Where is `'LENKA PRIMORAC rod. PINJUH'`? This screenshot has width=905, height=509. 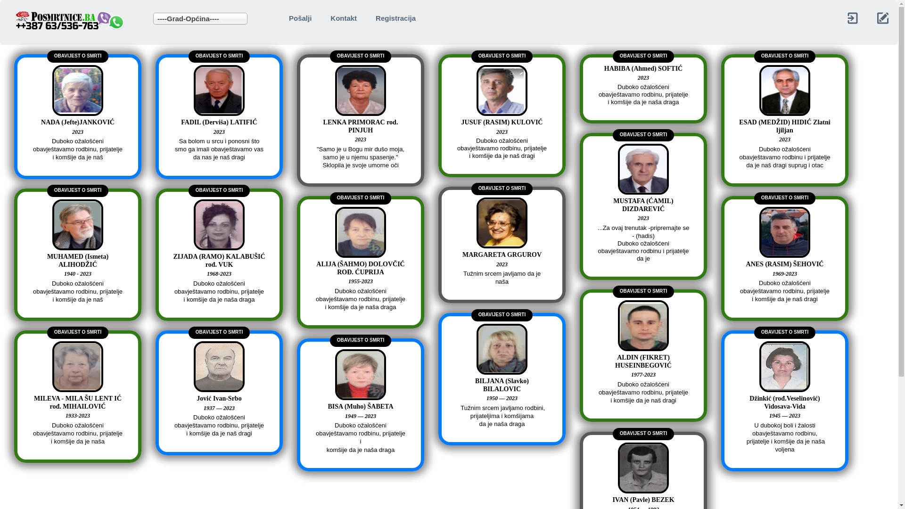
'LENKA PRIMORAC rod. PINJUH' is located at coordinates (314, 131).